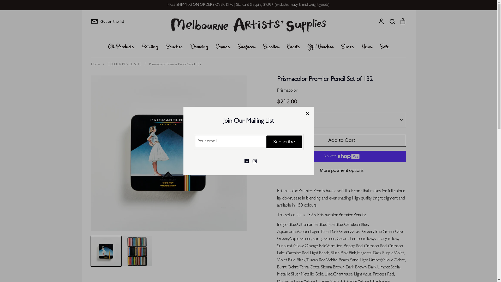  Describe the element at coordinates (237, 47) in the screenshot. I see `'Surfaces'` at that location.